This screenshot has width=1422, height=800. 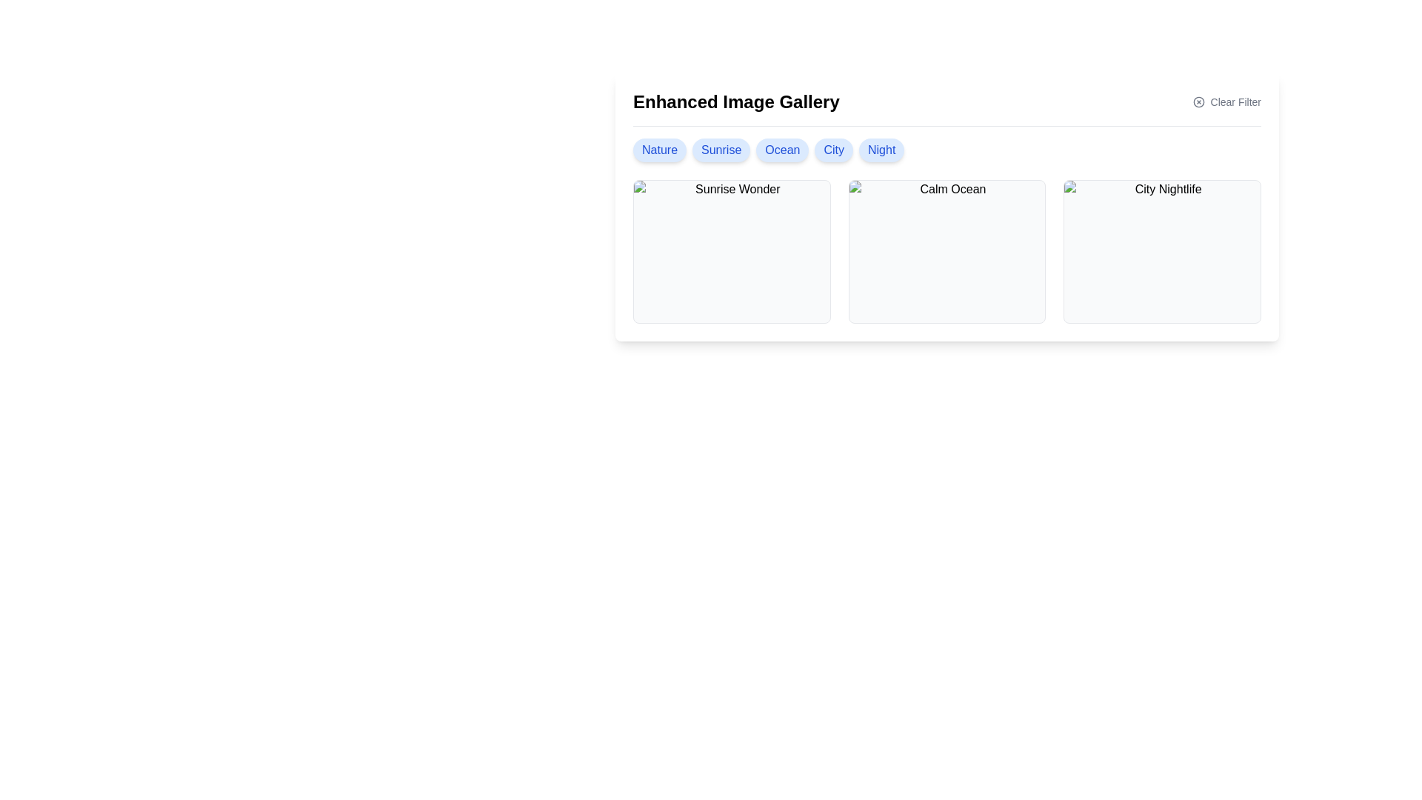 I want to click on the 'Calm Ocean' card in the image gallery, so click(x=946, y=207).